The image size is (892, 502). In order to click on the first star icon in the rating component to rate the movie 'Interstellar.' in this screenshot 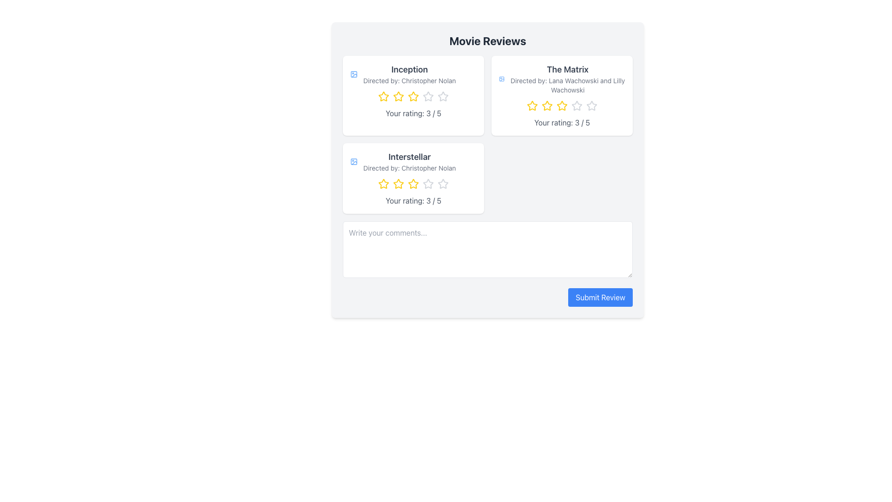, I will do `click(383, 184)`.